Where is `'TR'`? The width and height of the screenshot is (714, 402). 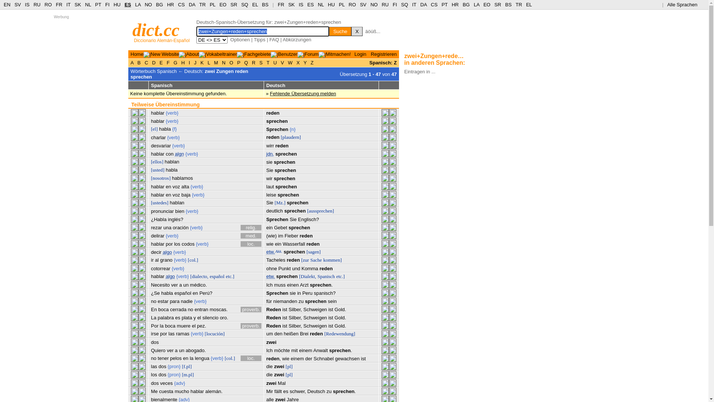
'TR' is located at coordinates (202, 4).